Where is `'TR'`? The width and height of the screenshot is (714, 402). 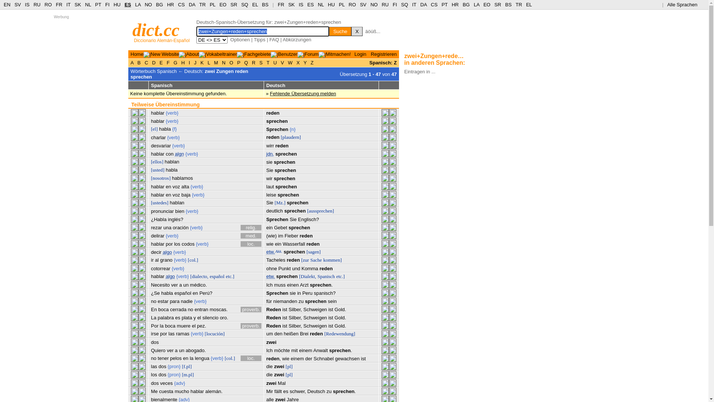
'TR' is located at coordinates (202, 4).